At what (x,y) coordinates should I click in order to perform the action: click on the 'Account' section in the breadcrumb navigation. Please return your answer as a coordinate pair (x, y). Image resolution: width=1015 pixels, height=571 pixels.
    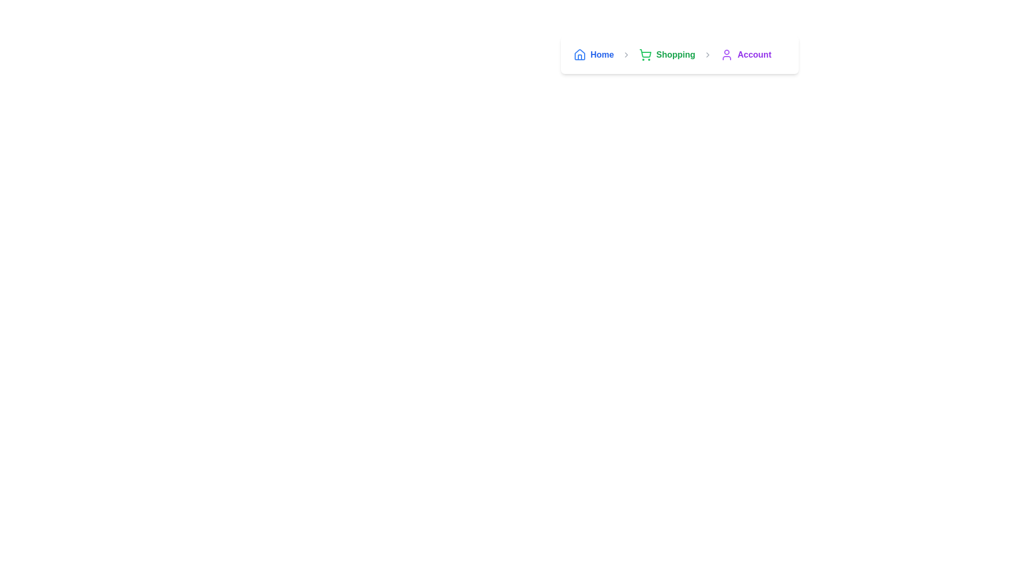
    Looking at the image, I should click on (745, 55).